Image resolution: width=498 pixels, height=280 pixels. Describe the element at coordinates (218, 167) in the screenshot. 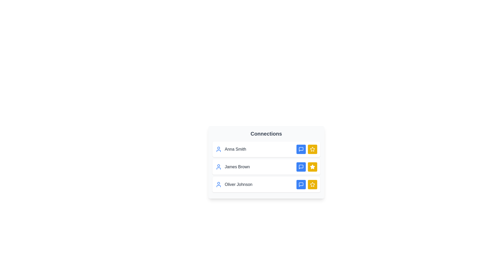

I see `the user icon for James Brown` at that location.